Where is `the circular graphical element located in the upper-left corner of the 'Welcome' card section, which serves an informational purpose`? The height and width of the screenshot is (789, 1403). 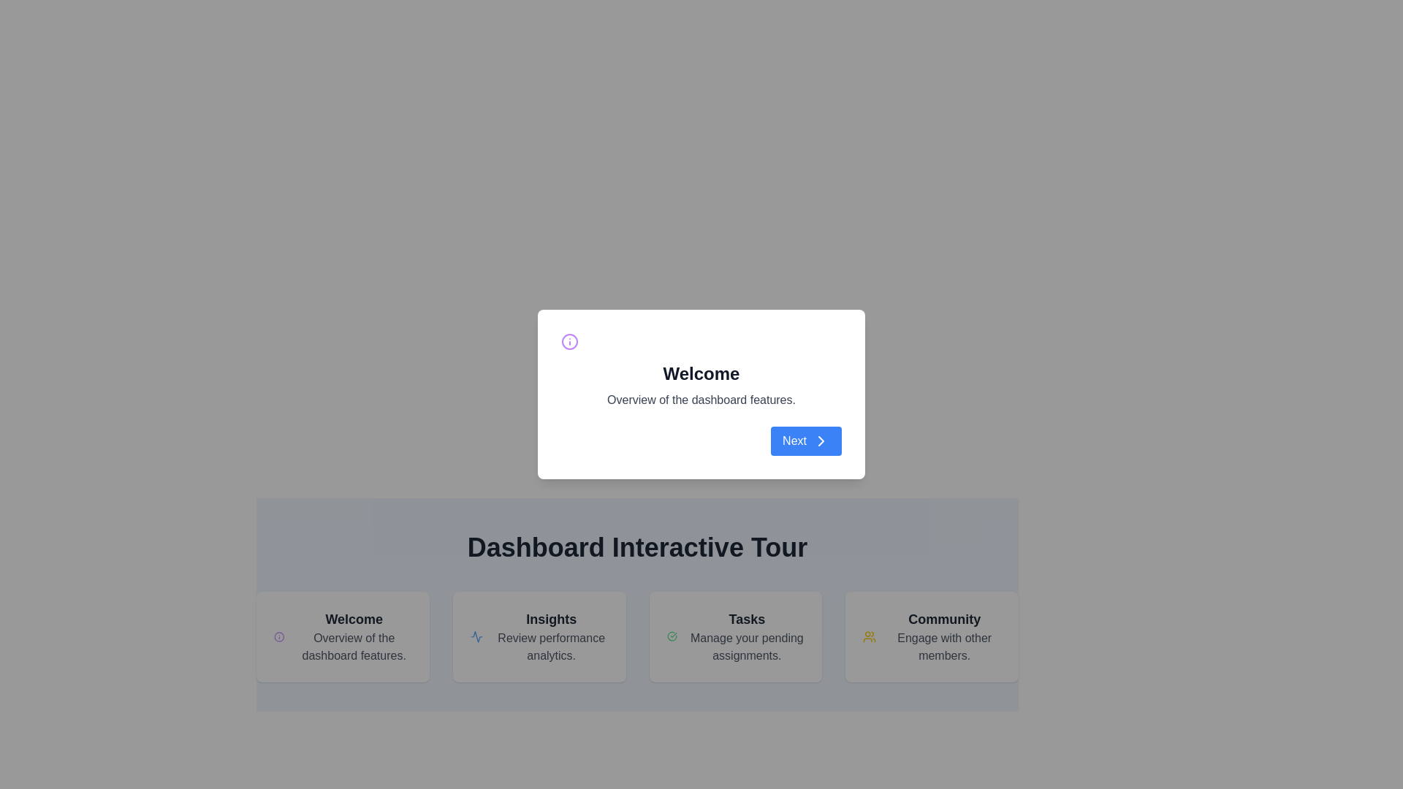 the circular graphical element located in the upper-left corner of the 'Welcome' card section, which serves an informational purpose is located at coordinates (279, 636).